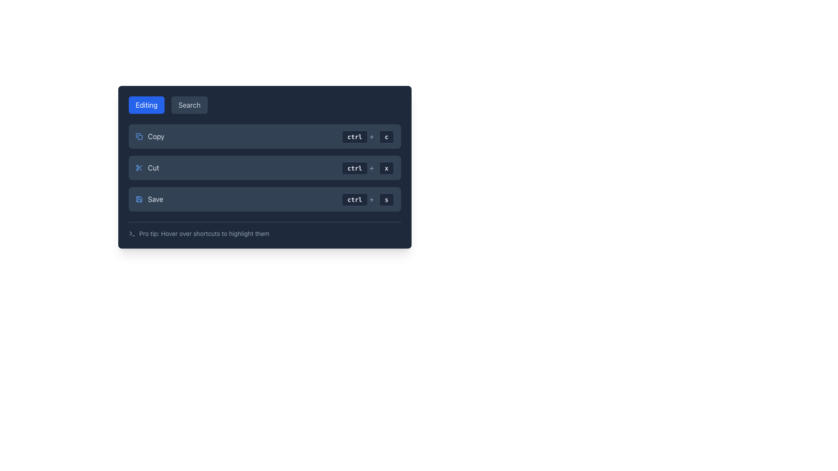 The height and width of the screenshot is (471, 838). Describe the element at coordinates (138, 199) in the screenshot. I see `the 'Save' icon located in the third row of the vertical options list, which is positioned to the left of the text 'Save'` at that location.